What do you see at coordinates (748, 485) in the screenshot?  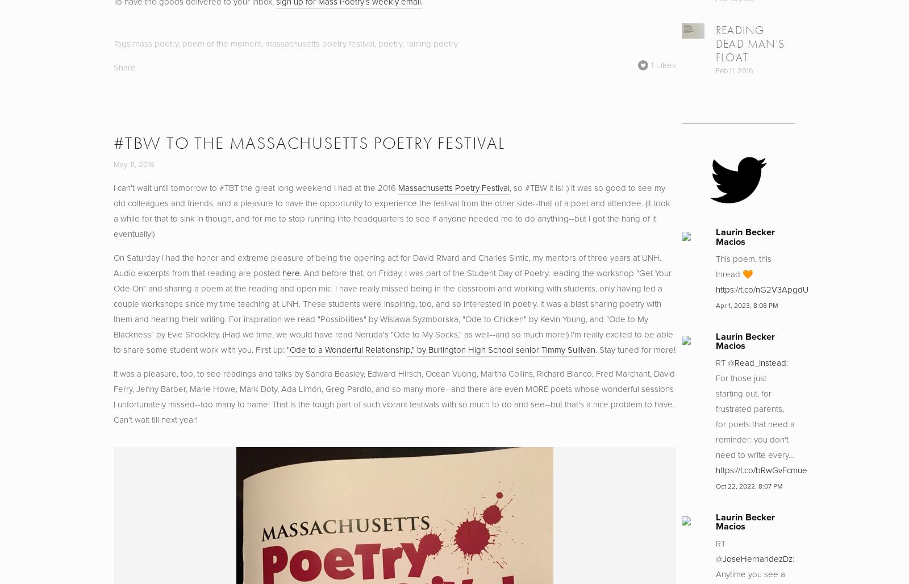 I see `'Oct 22, 2022, 8:07 PM'` at bounding box center [748, 485].